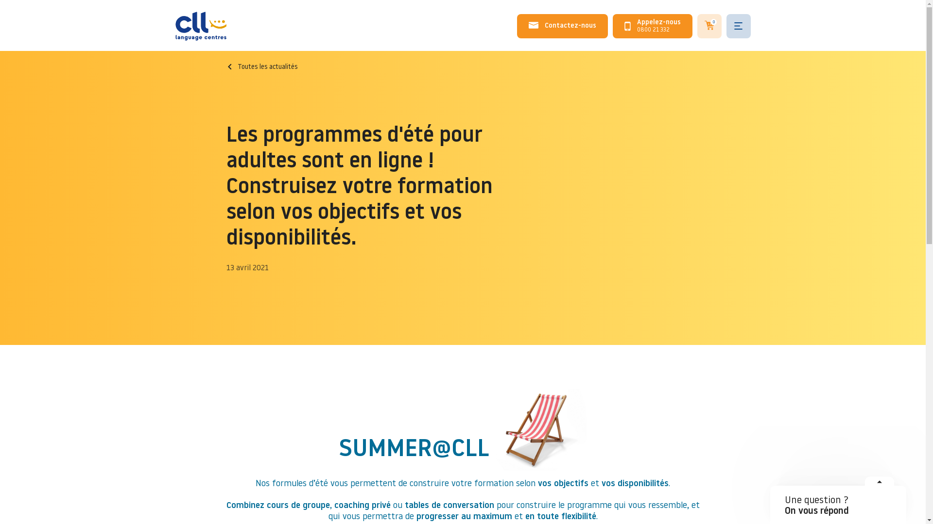 The width and height of the screenshot is (933, 524). What do you see at coordinates (697, 26) in the screenshot?
I see `'0'` at bounding box center [697, 26].